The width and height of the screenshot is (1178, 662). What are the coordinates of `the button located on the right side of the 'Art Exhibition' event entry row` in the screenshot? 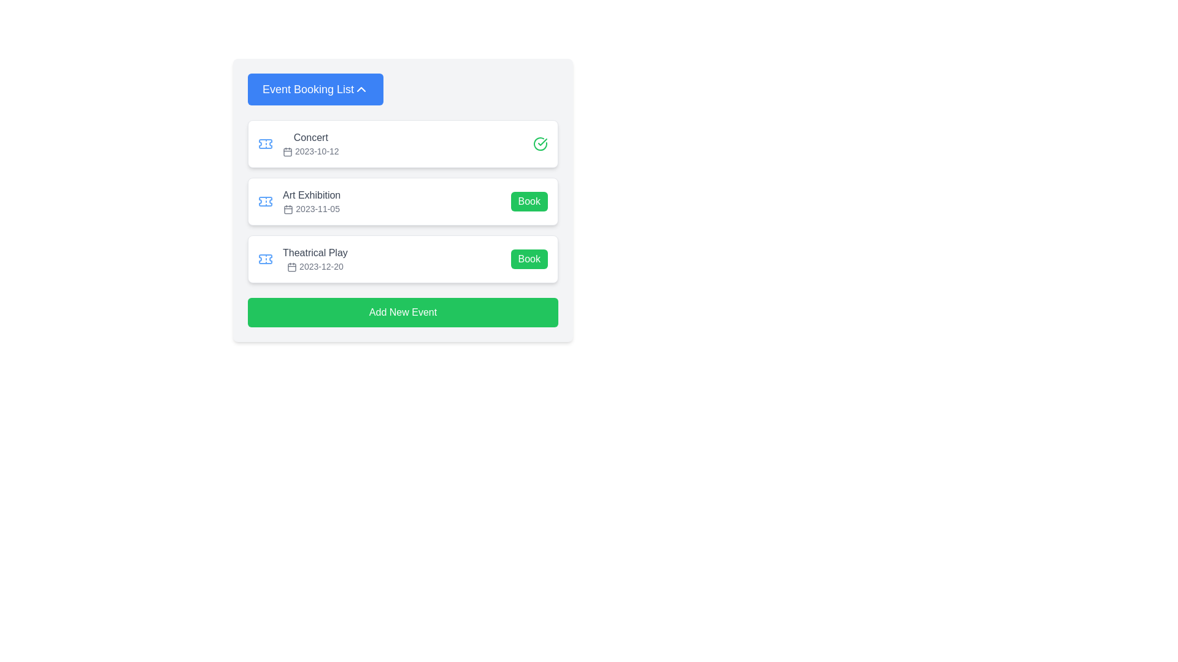 It's located at (529, 200).